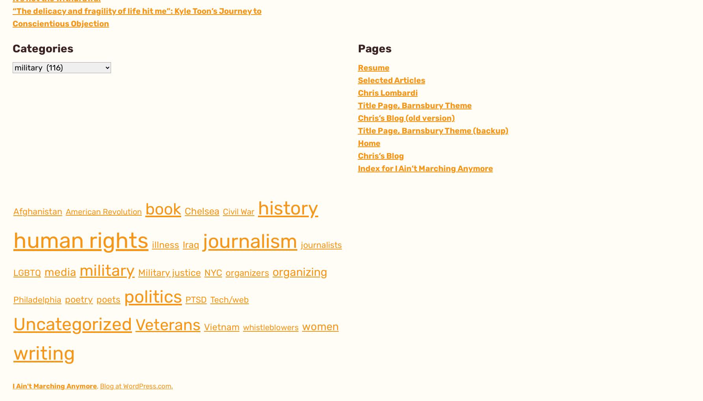 The width and height of the screenshot is (703, 401). What do you see at coordinates (374, 48) in the screenshot?
I see `'Pages'` at bounding box center [374, 48].